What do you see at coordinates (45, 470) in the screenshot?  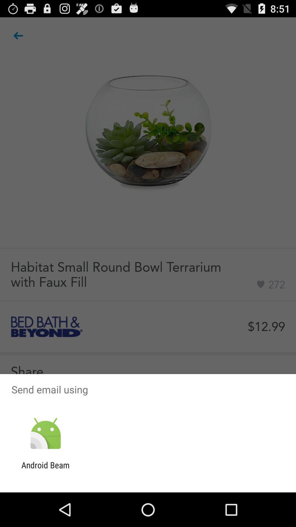 I see `android beam` at bounding box center [45, 470].